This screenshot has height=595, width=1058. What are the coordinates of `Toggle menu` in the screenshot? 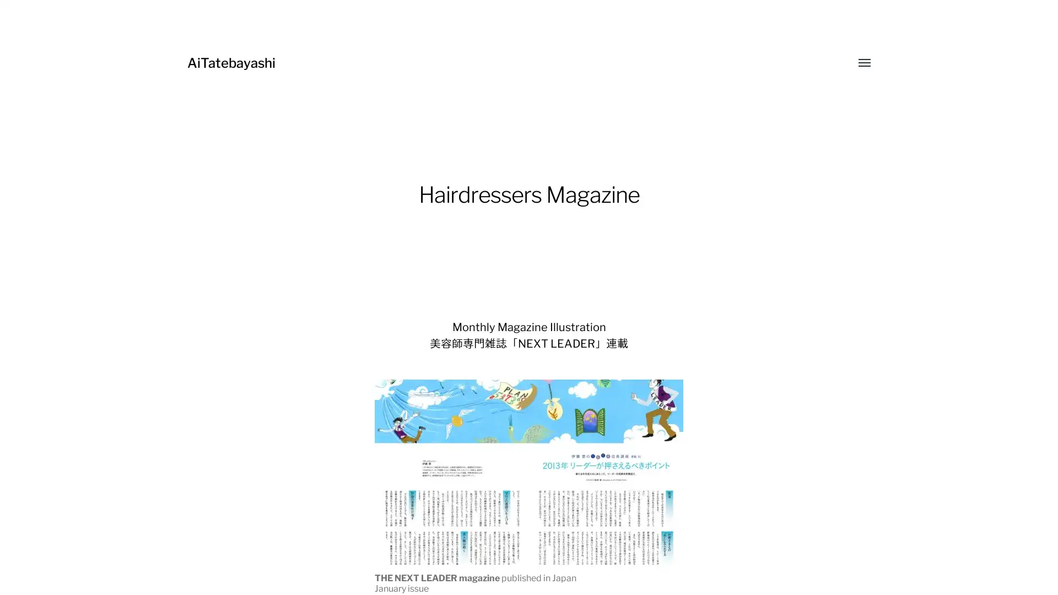 It's located at (856, 63).